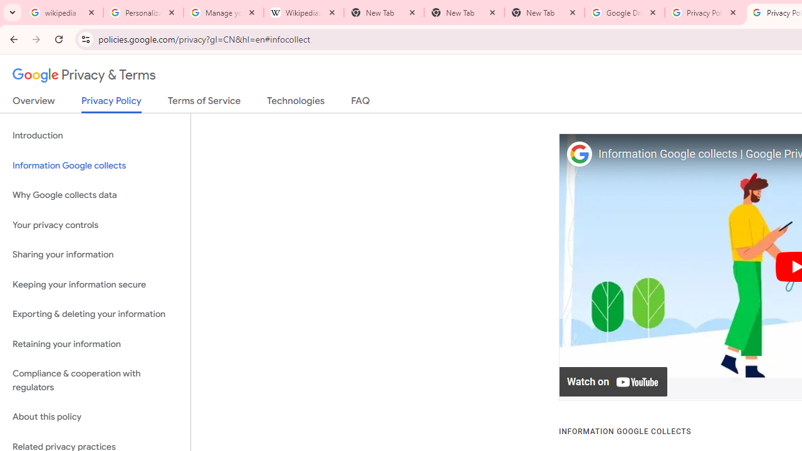 The width and height of the screenshot is (802, 451). What do you see at coordinates (625, 13) in the screenshot?
I see `'Google Drive: Sign-in'` at bounding box center [625, 13].